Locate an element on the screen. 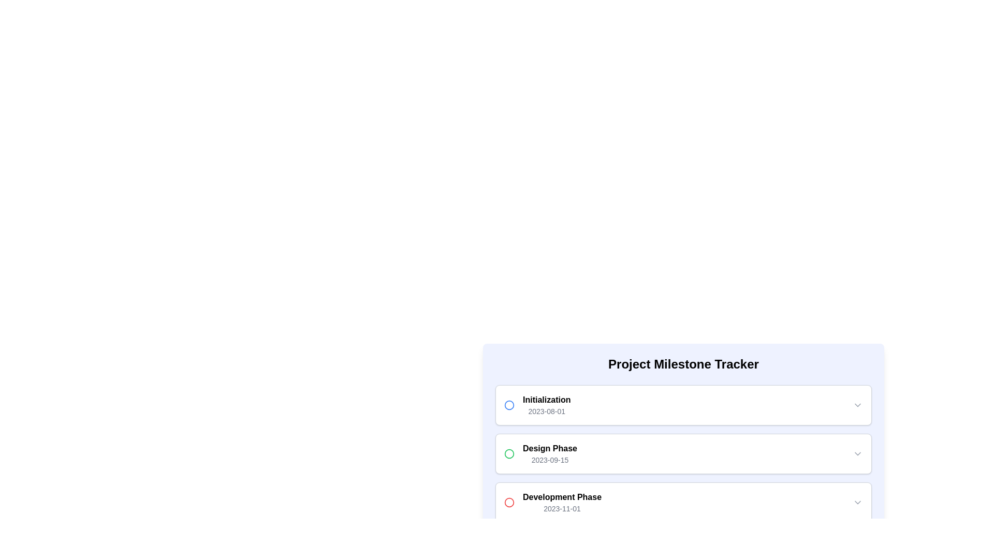 The width and height of the screenshot is (994, 559). the downward-facing arrow icon in the 'Design Phase' section is located at coordinates (857, 453).